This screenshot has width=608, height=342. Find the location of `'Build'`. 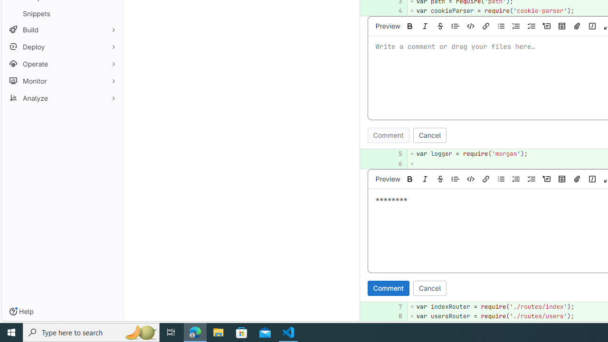

'Build' is located at coordinates (62, 29).